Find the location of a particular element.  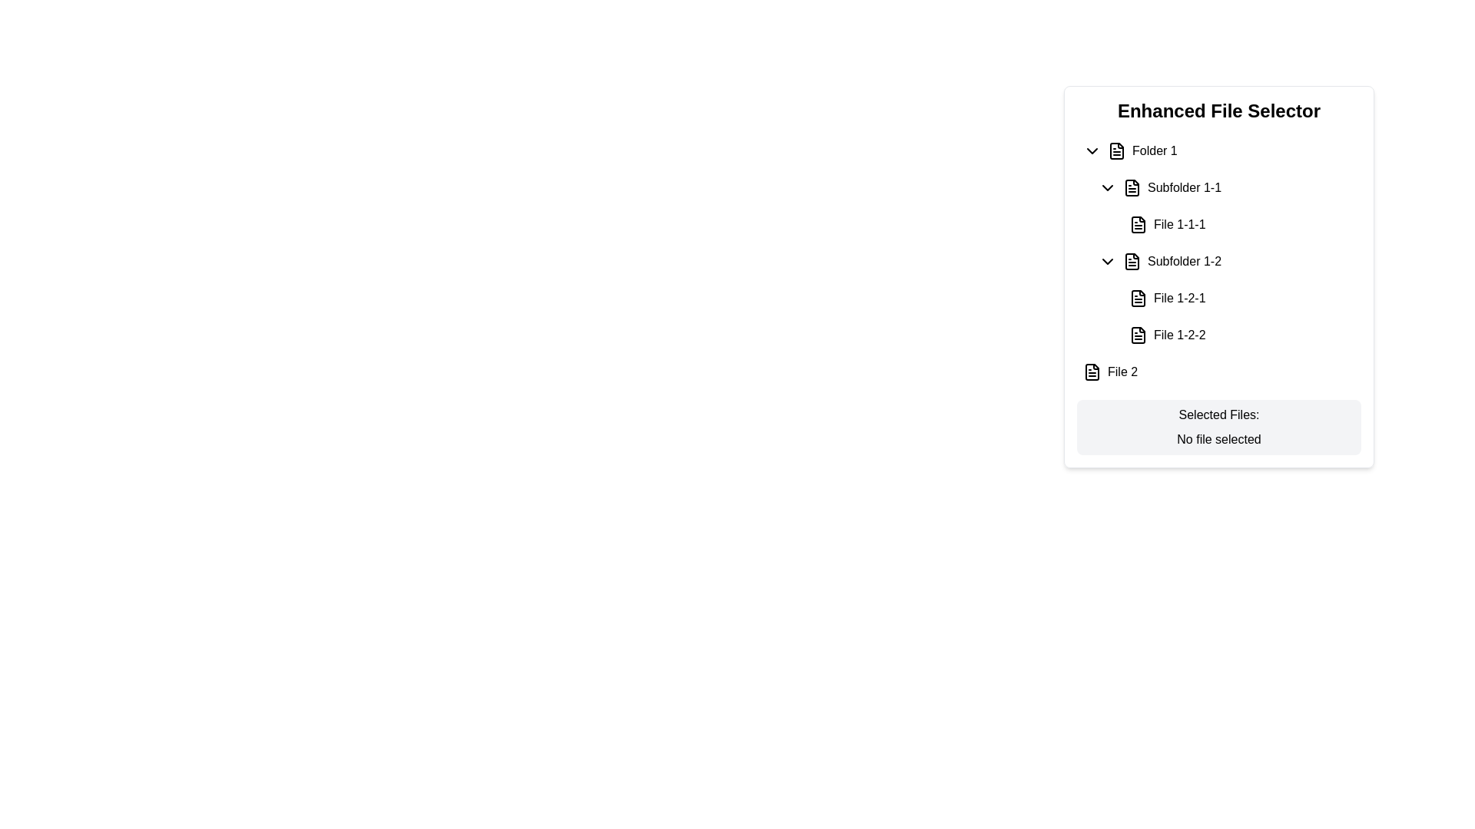

the list item representing the file named 'File 1-2-2' is located at coordinates (1242, 334).